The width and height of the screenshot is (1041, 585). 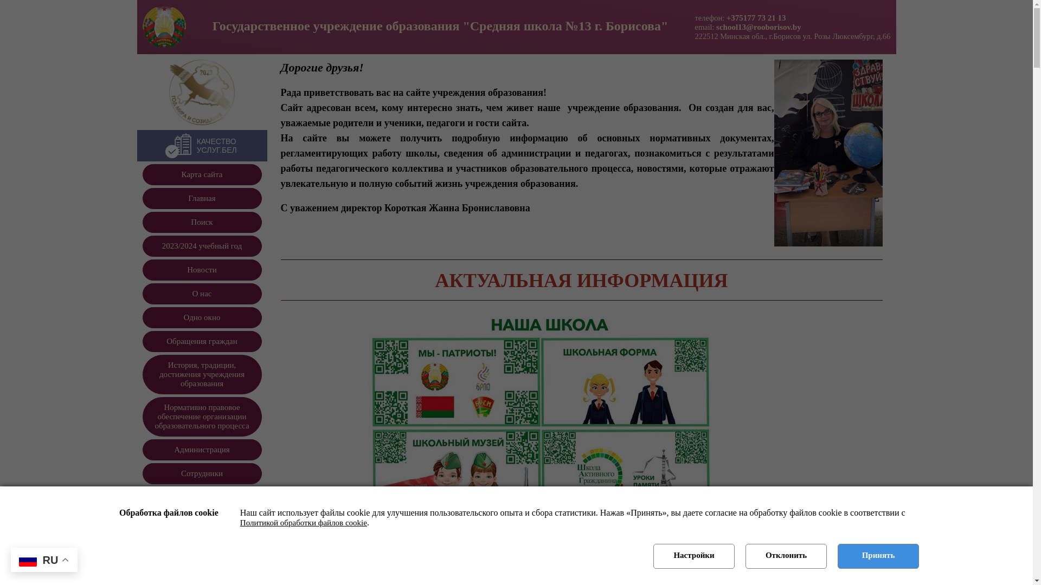 I want to click on '+375177 73 21 13', so click(x=756, y=17).